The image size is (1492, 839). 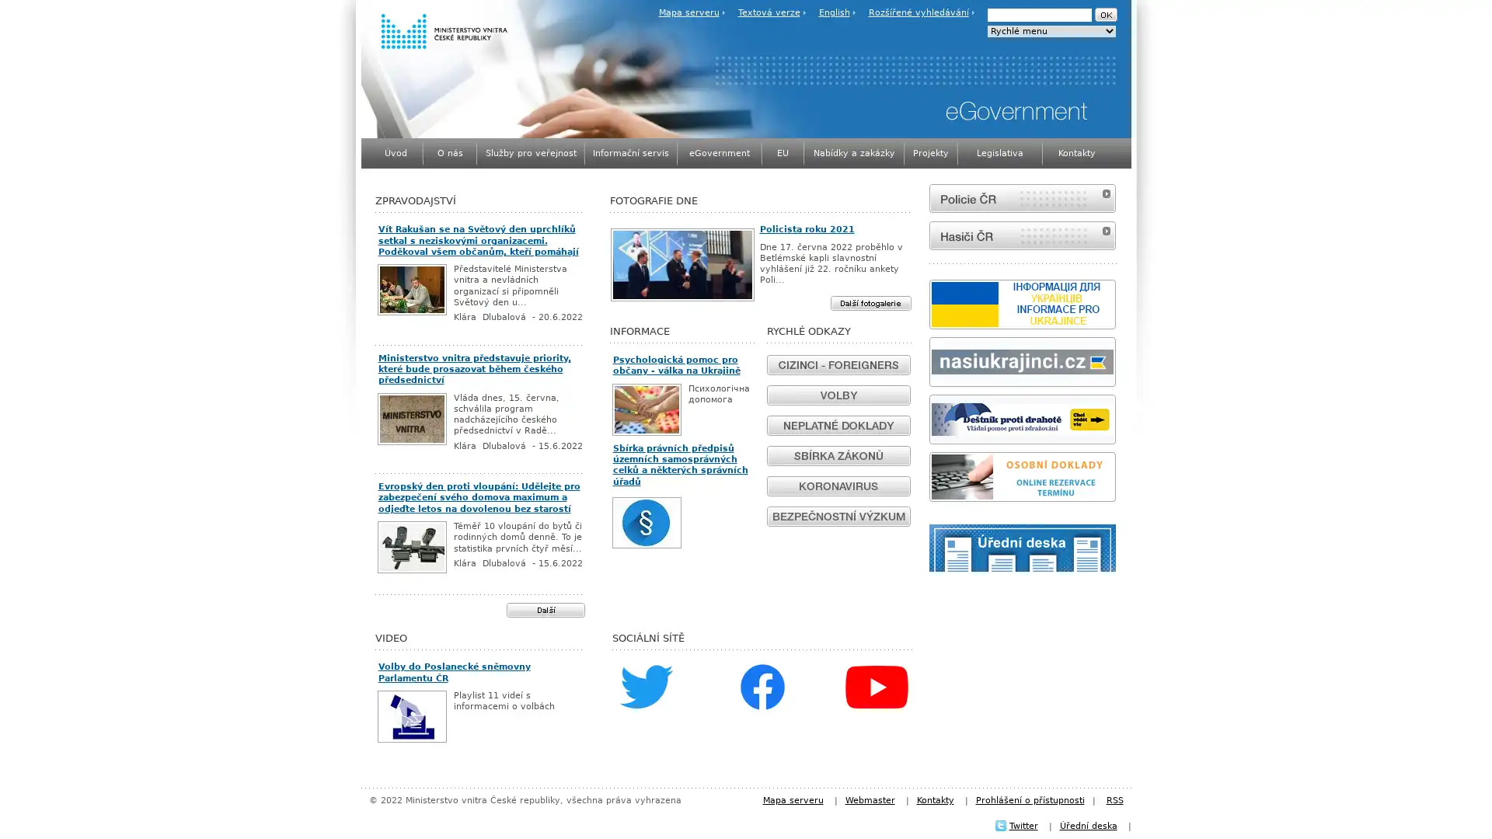 What do you see at coordinates (1104, 15) in the screenshot?
I see `ok` at bounding box center [1104, 15].